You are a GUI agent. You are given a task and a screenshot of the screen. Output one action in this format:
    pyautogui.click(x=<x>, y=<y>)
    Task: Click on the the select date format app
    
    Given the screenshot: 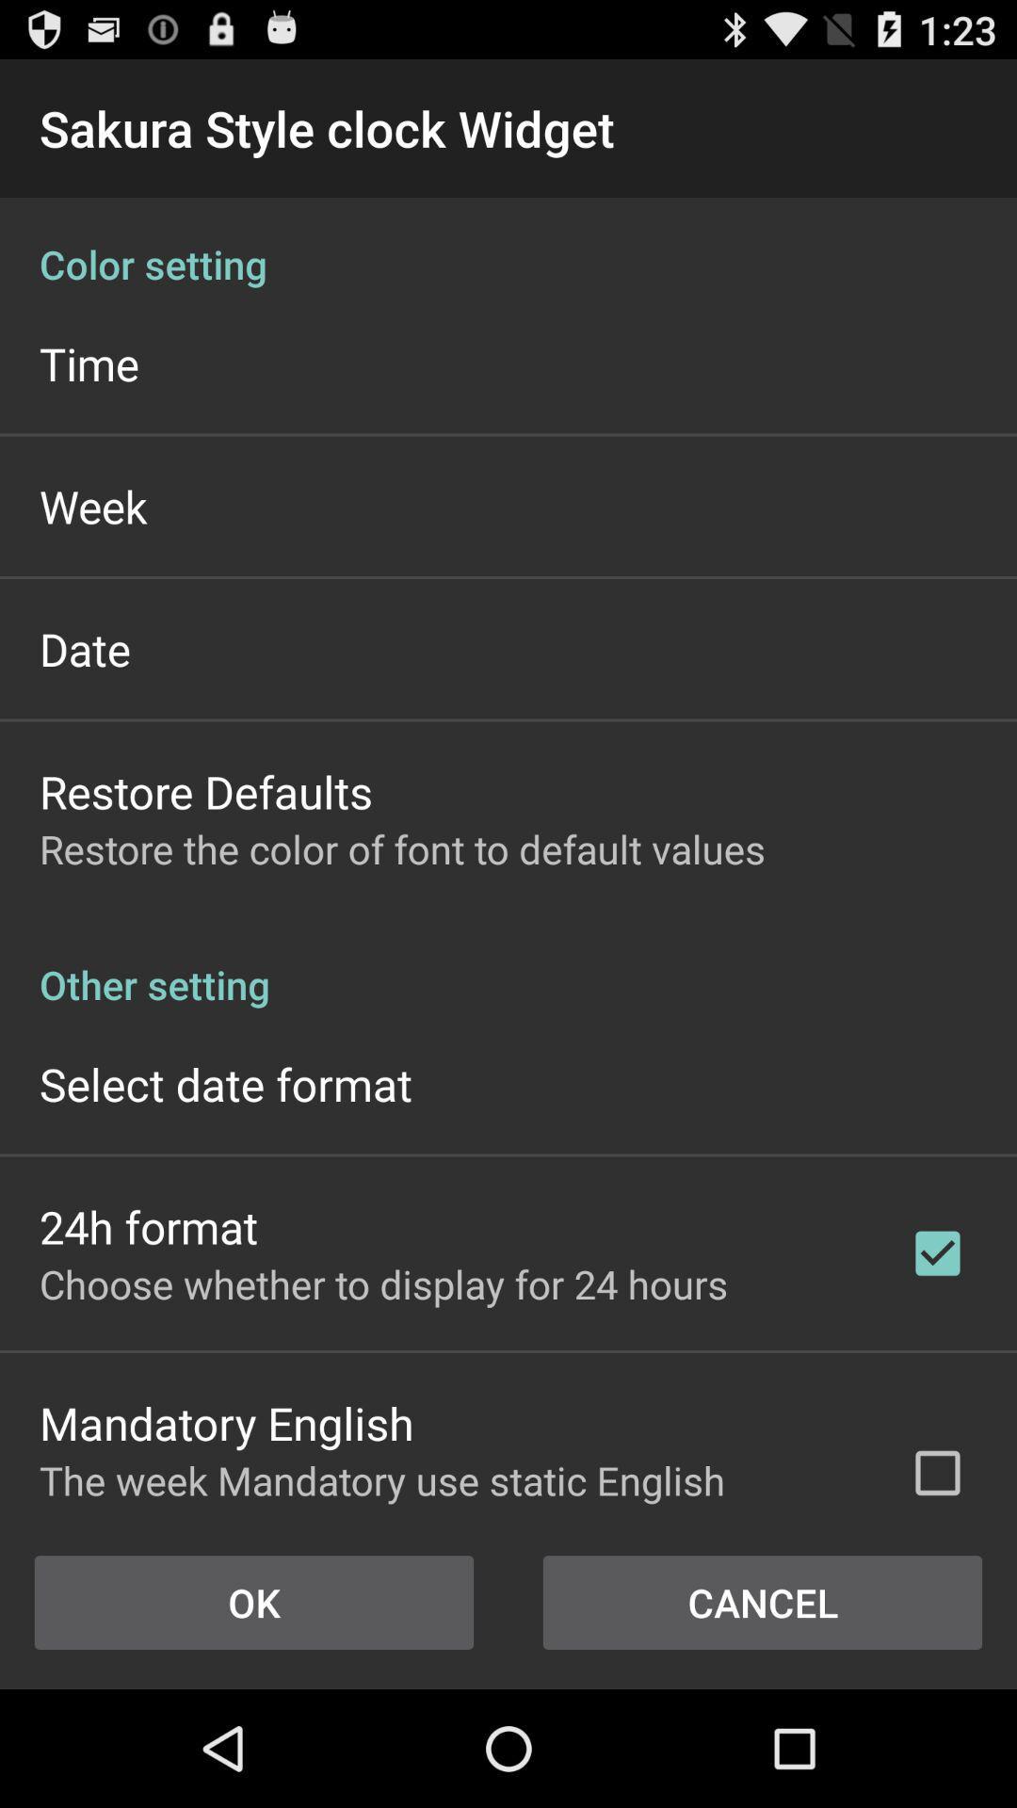 What is the action you would take?
    pyautogui.click(x=224, y=1084)
    